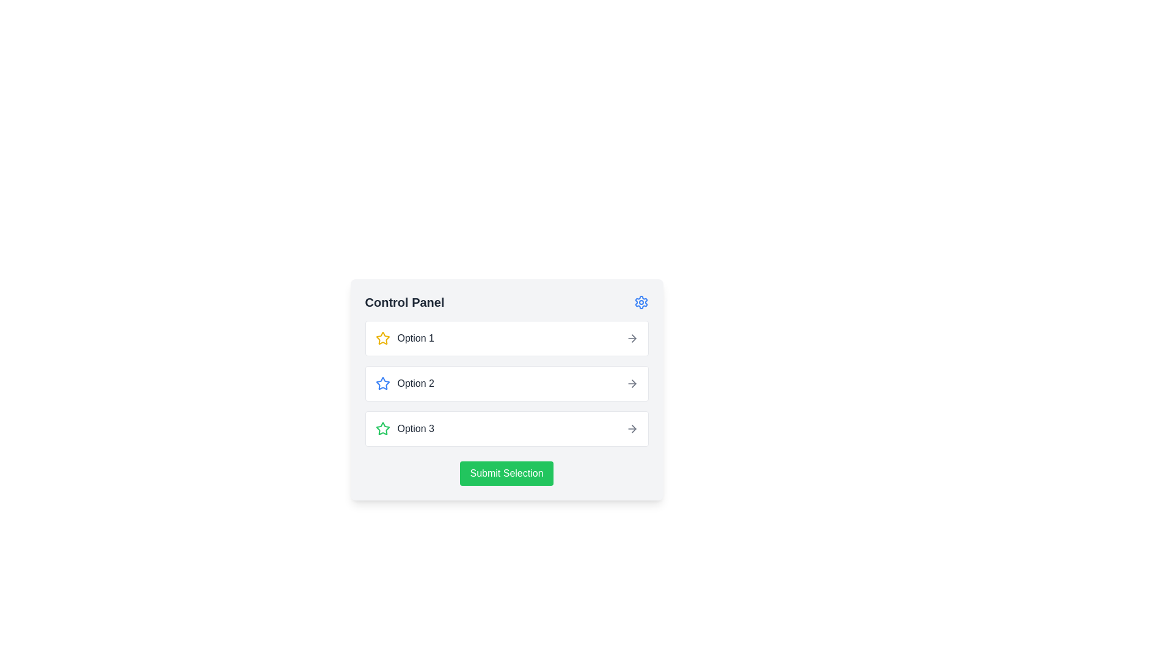  What do you see at coordinates (415, 428) in the screenshot?
I see `the label representing the third option in a list of selectable entries, located to the right of a green star icon` at bounding box center [415, 428].